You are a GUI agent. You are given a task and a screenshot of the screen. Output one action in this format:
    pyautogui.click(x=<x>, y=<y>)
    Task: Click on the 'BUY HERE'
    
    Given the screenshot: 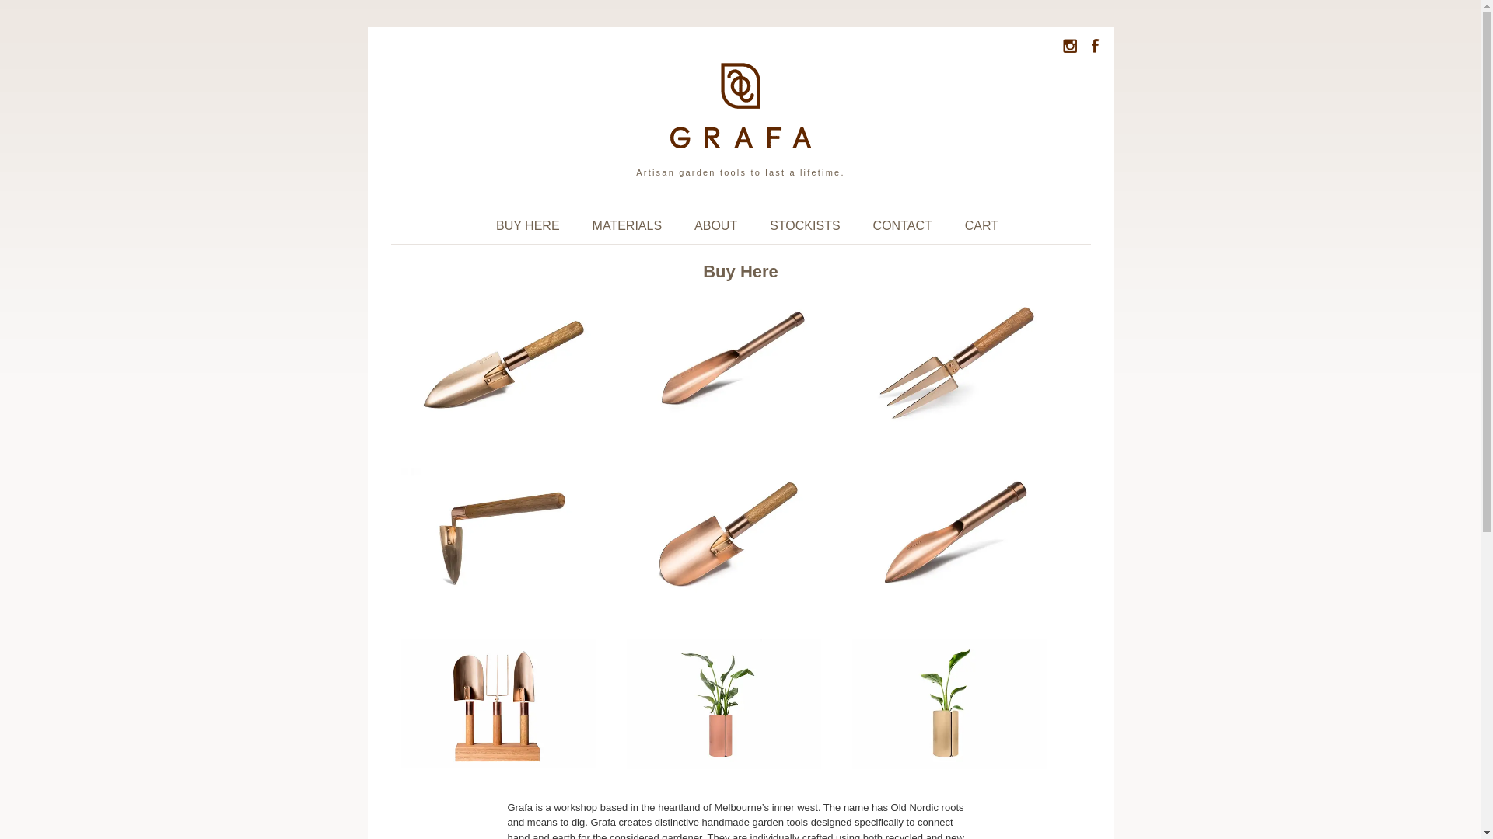 What is the action you would take?
    pyautogui.click(x=484, y=225)
    